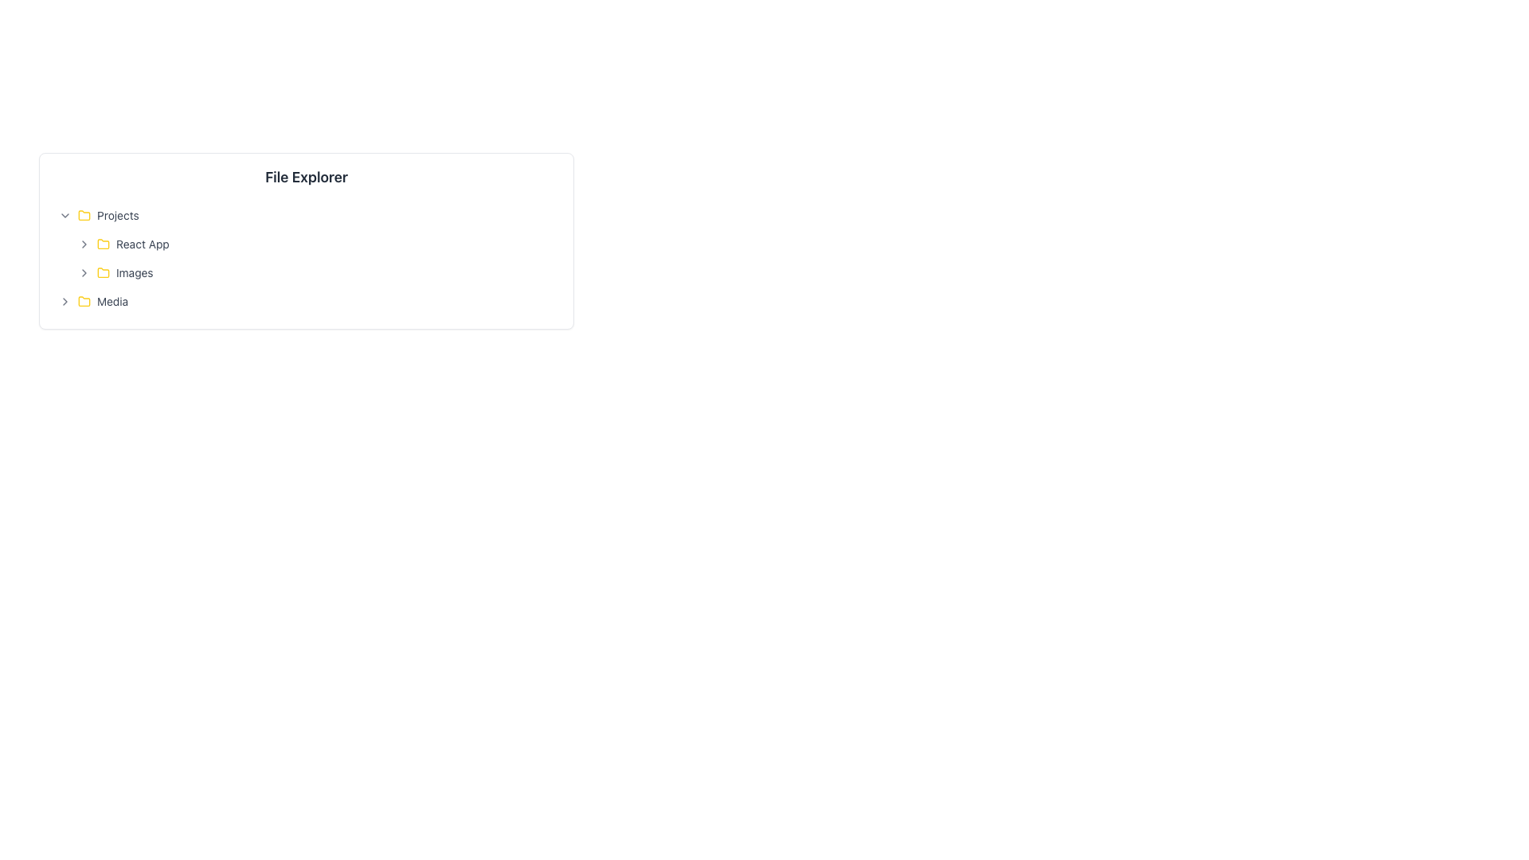  What do you see at coordinates (83, 301) in the screenshot?
I see `the folder icon with a yellow outline located next to the 'Media' entry in the file explorer interface` at bounding box center [83, 301].